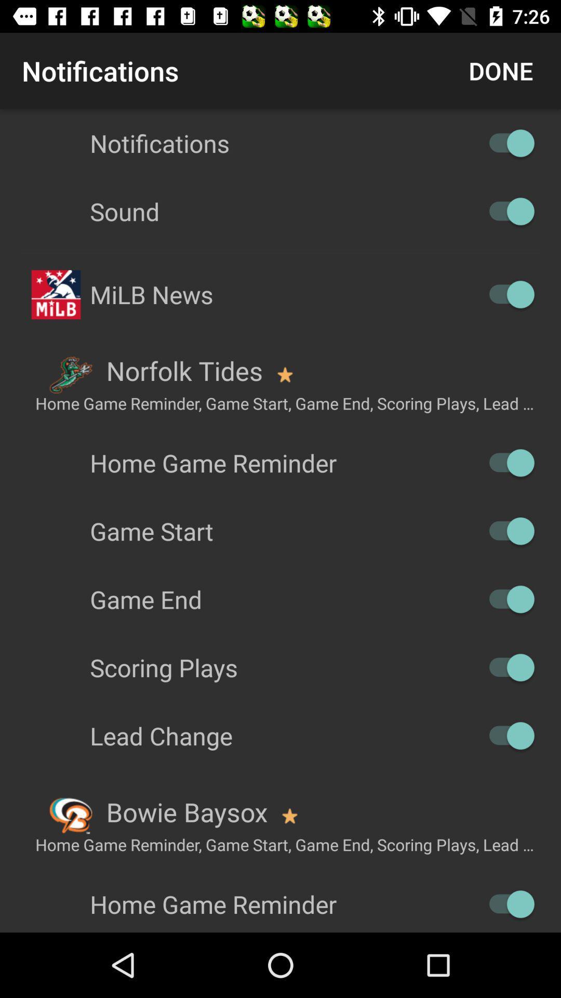  I want to click on off on option, so click(506, 142).